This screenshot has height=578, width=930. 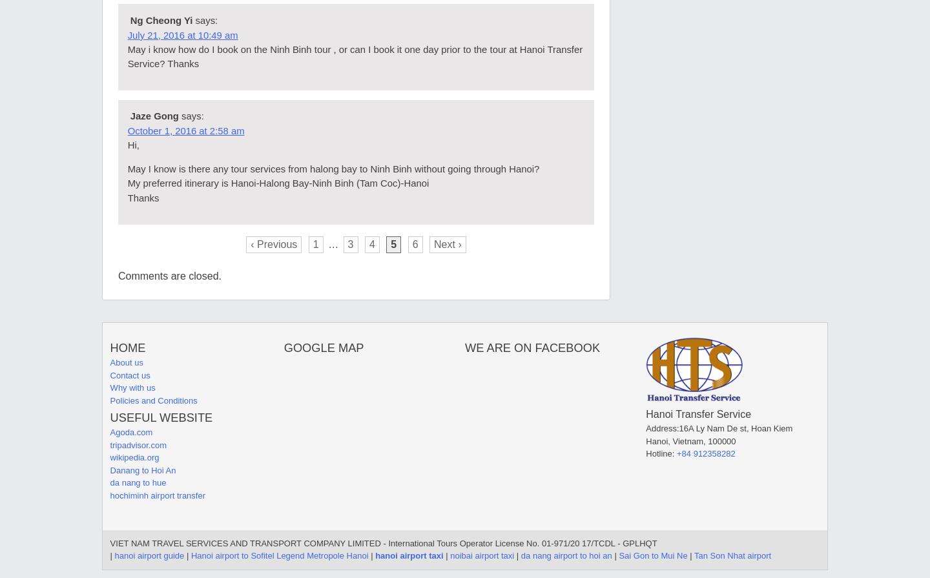 What do you see at coordinates (652, 555) in the screenshot?
I see `'Sai Gon to Mui Ne'` at bounding box center [652, 555].